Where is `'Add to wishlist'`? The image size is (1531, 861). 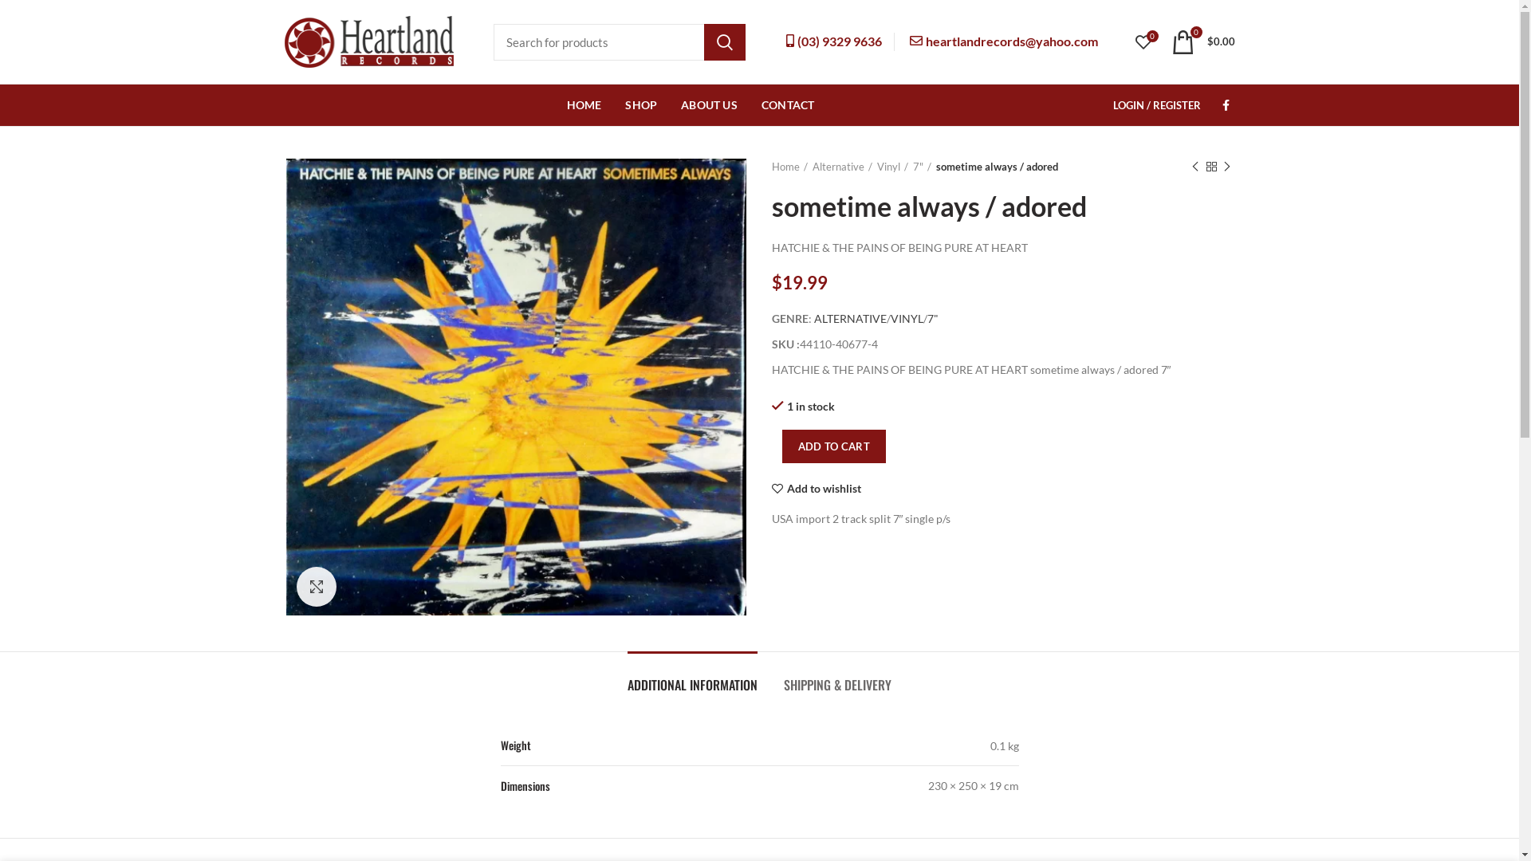 'Add to wishlist' is located at coordinates (816, 488).